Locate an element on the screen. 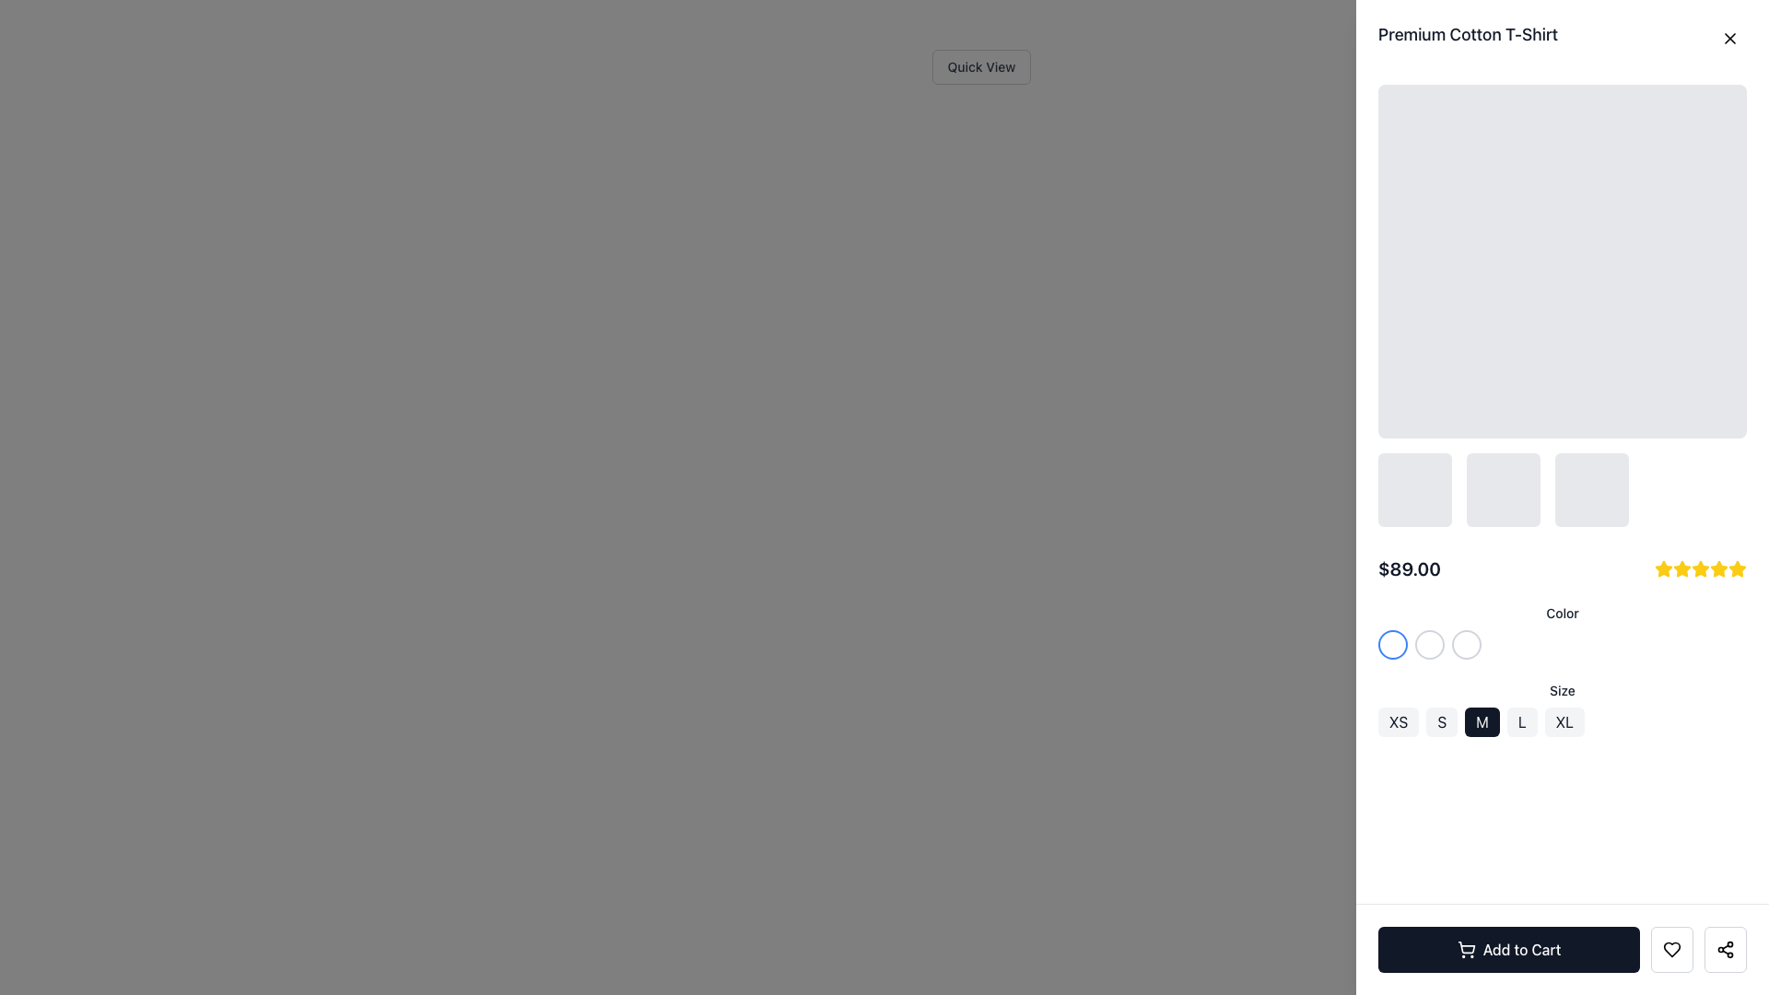 This screenshot has height=995, width=1769. the 'S' size selection button located in the Size section of the product options is located at coordinates (1441, 720).